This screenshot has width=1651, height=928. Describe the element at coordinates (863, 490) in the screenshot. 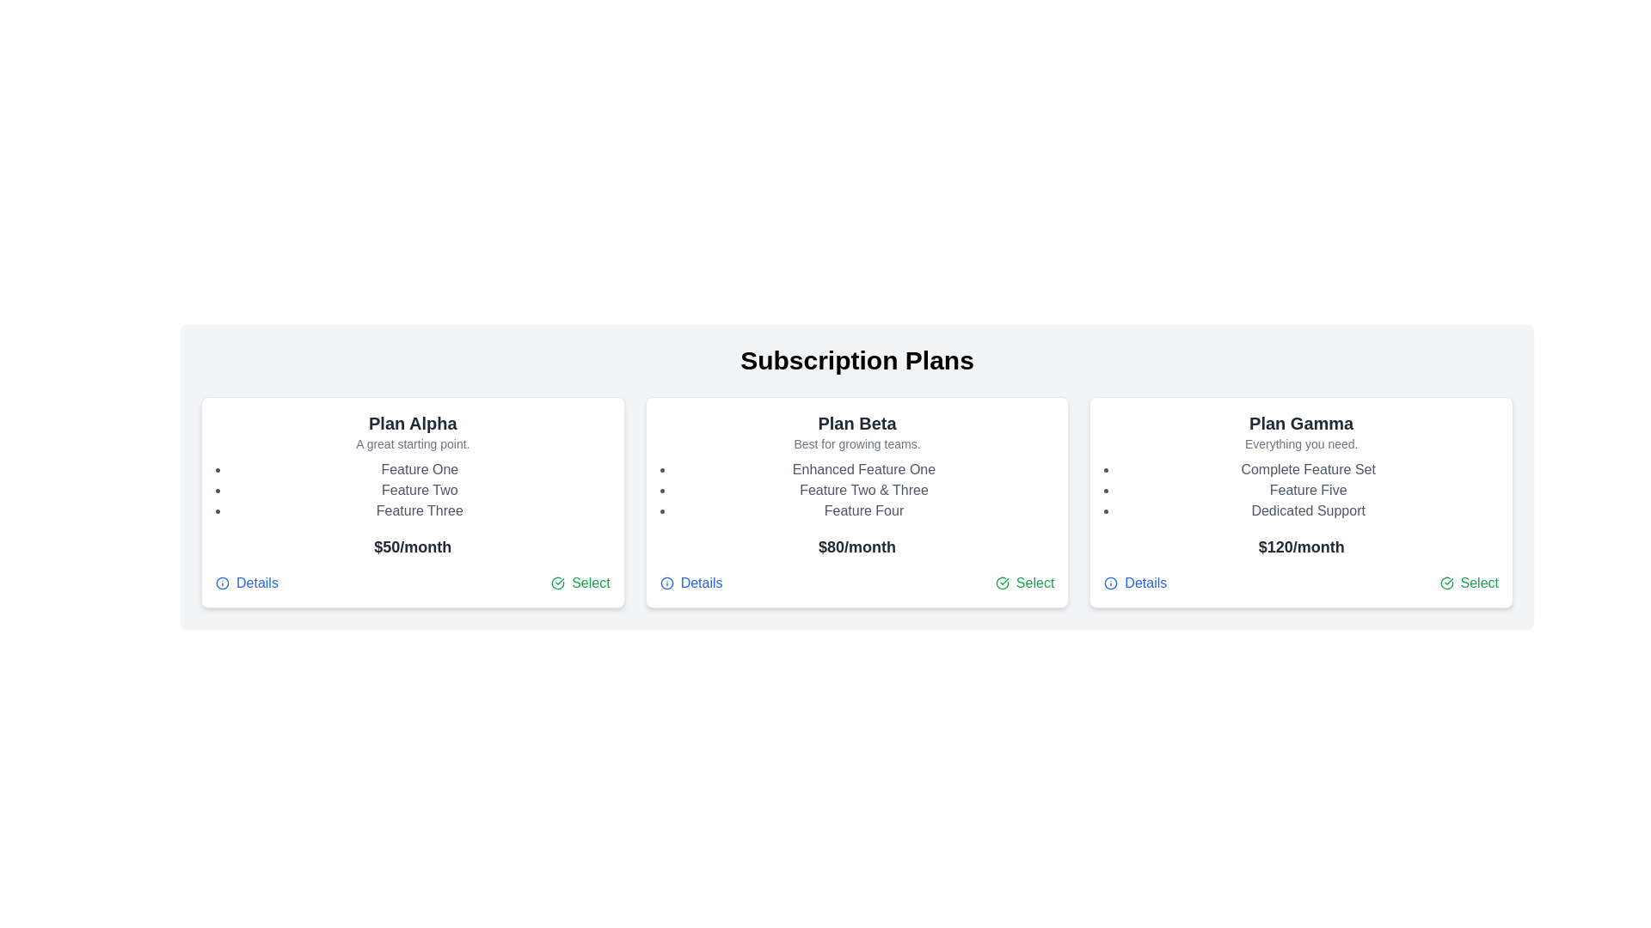

I see `the text element displaying 'Feature Two & Three' in gray, which is the second item in the bulleted list under the 'Plan Beta' subscription card` at that location.